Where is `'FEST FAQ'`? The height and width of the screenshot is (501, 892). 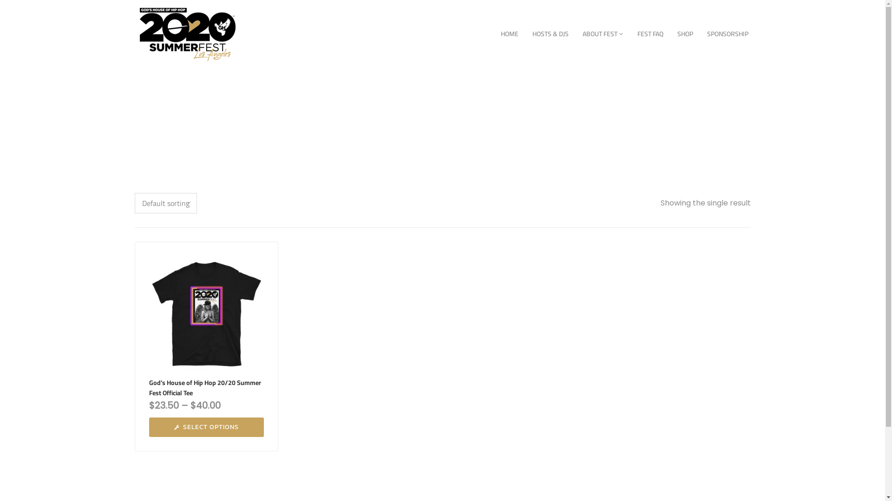 'FEST FAQ' is located at coordinates (649, 33).